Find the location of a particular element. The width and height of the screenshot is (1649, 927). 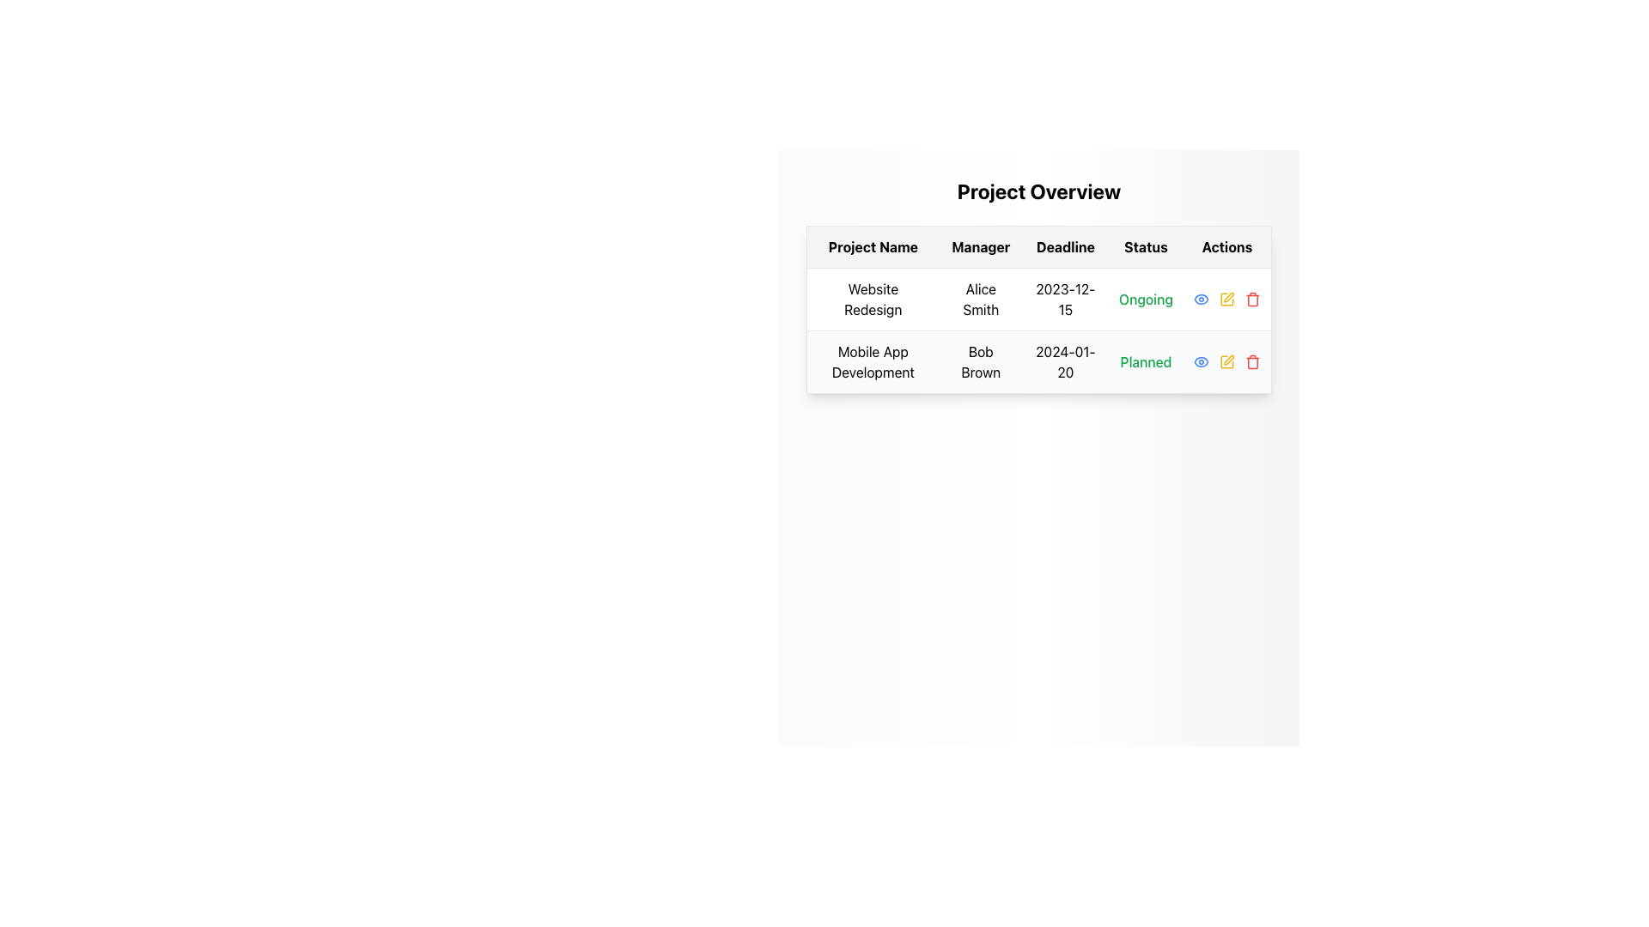

the first row of the table under the 'Project Overview' heading, which contains details about the project 'Website Redesign' is located at coordinates (1037, 298).